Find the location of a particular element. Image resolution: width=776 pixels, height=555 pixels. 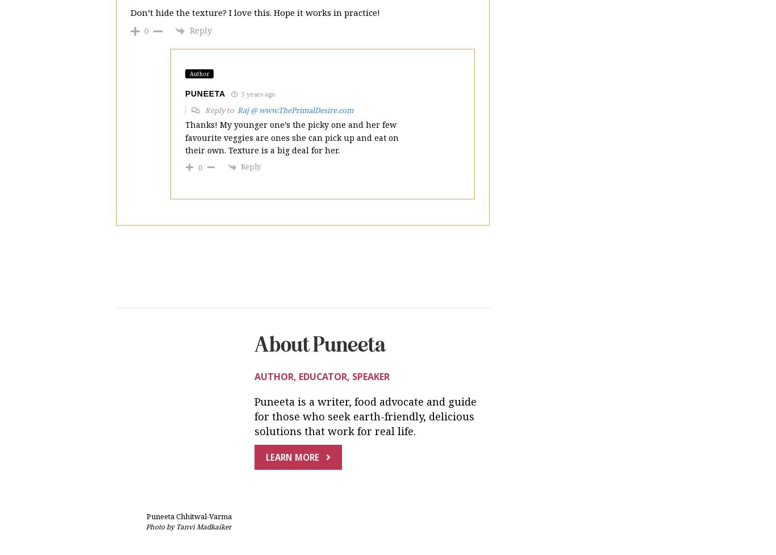

'Raj @ www.ThePrimalDesire.com' is located at coordinates (295, 16).